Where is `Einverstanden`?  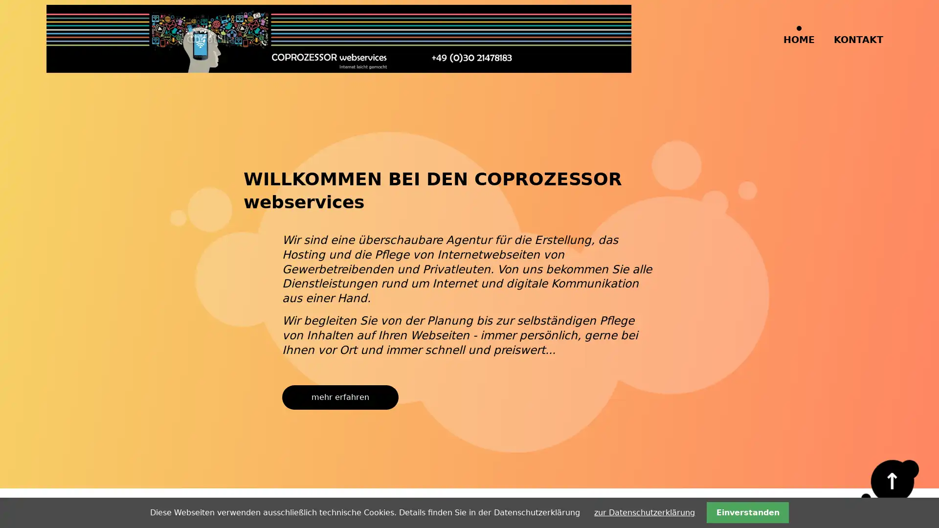
Einverstanden is located at coordinates (747, 512).